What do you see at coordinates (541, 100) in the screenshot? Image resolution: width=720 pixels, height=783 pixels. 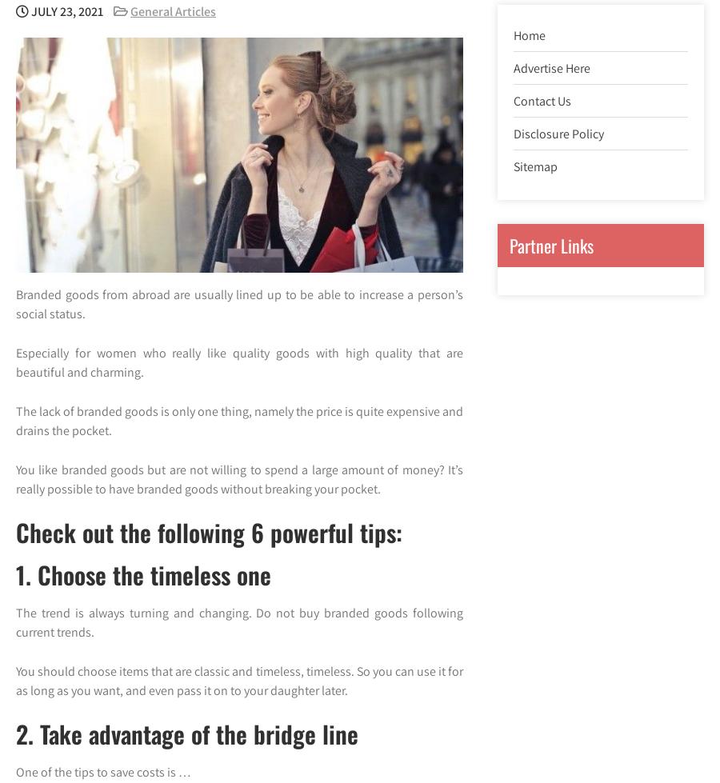 I see `'Contact Us'` at bounding box center [541, 100].